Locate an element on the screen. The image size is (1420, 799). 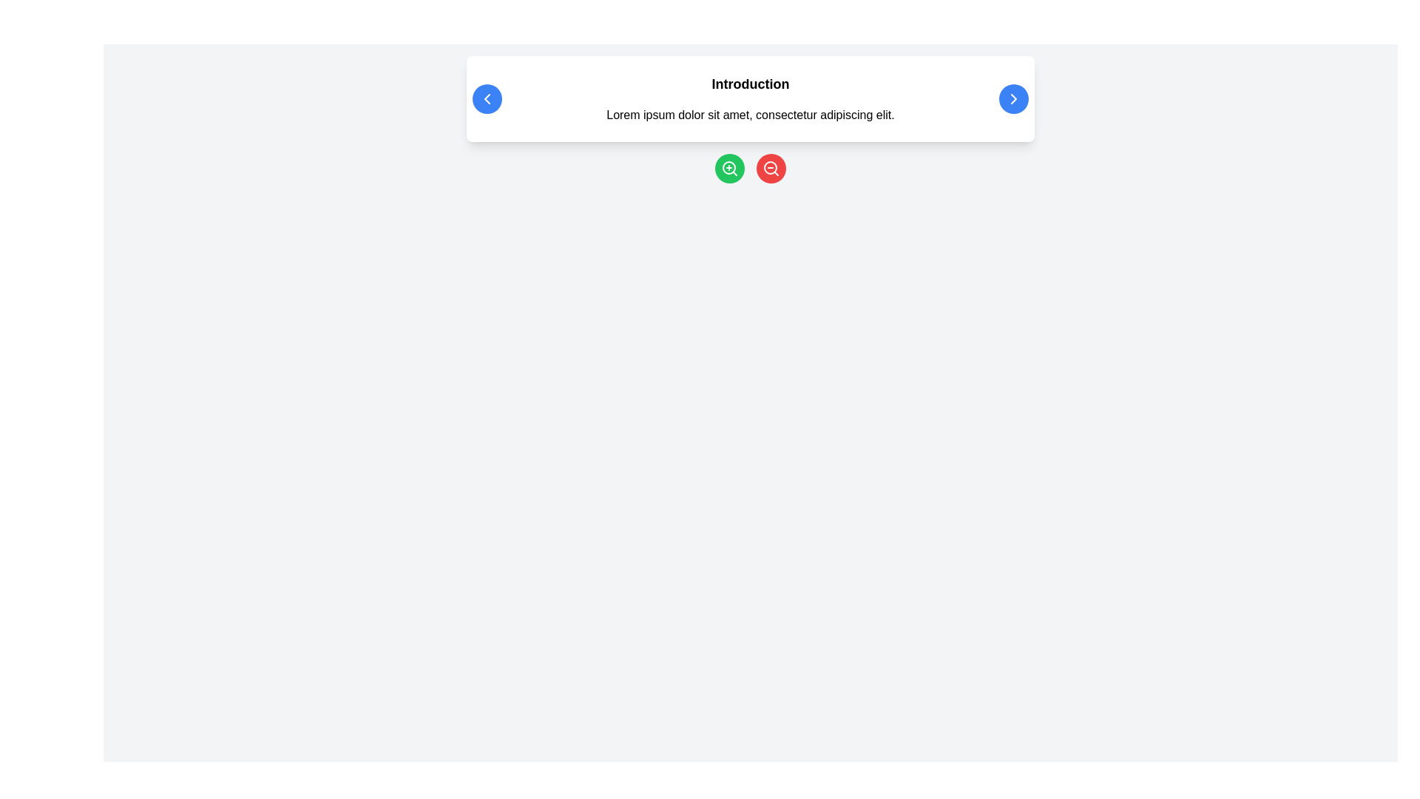
the rightmost zoom-out icon located beneath the Introduction section is located at coordinates (770, 167).